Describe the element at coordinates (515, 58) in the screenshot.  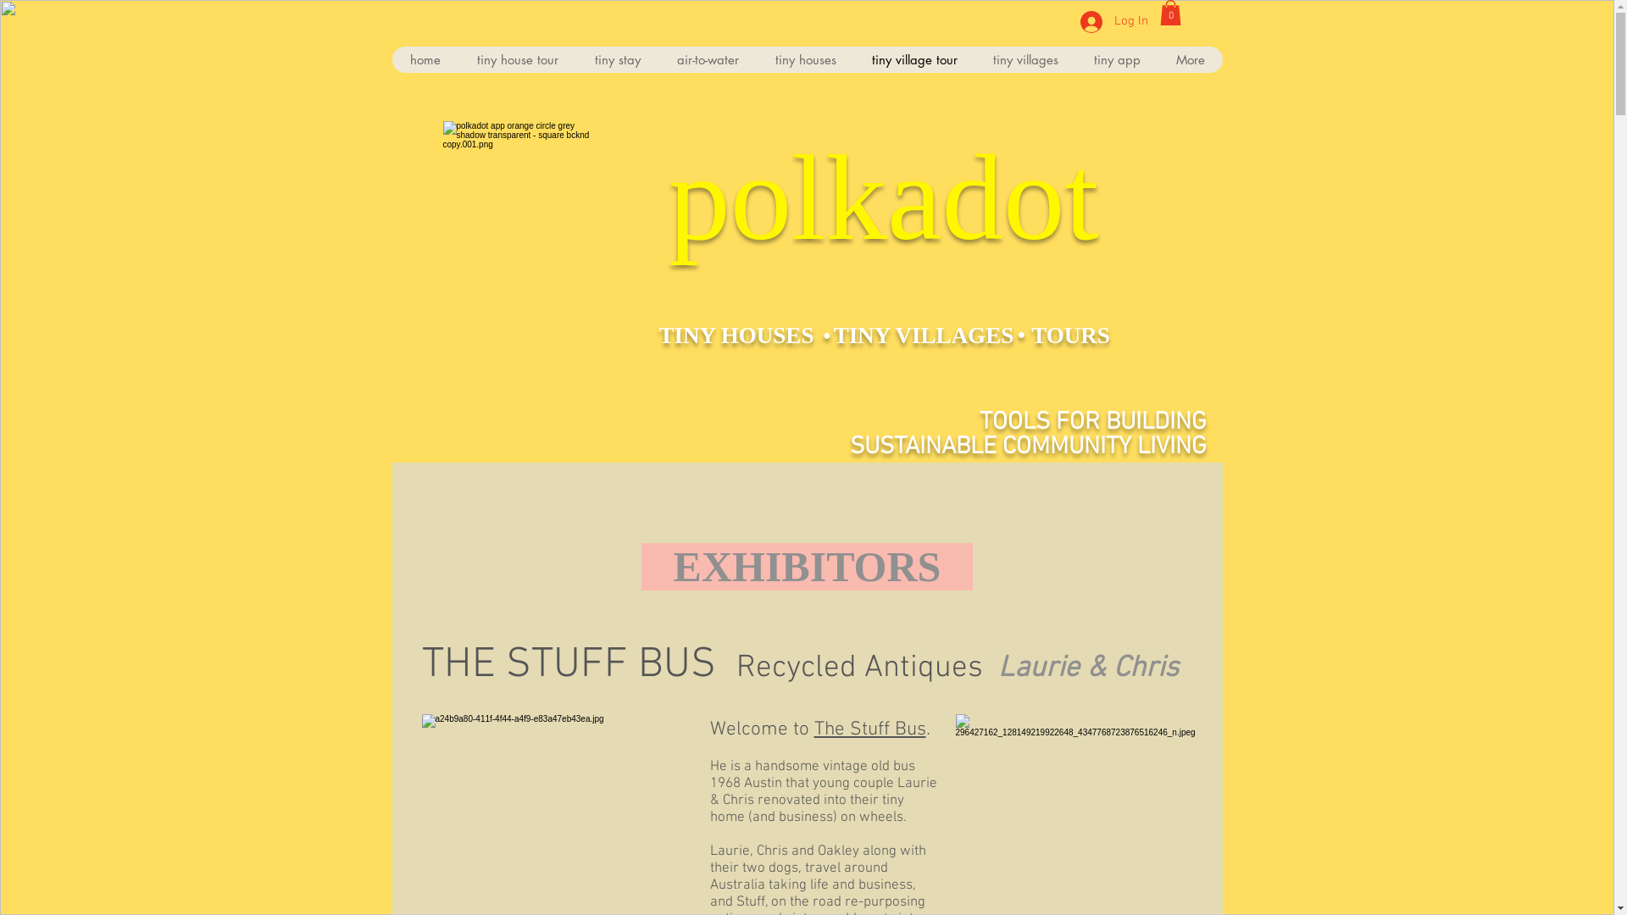
I see `'tiny house tour'` at that location.